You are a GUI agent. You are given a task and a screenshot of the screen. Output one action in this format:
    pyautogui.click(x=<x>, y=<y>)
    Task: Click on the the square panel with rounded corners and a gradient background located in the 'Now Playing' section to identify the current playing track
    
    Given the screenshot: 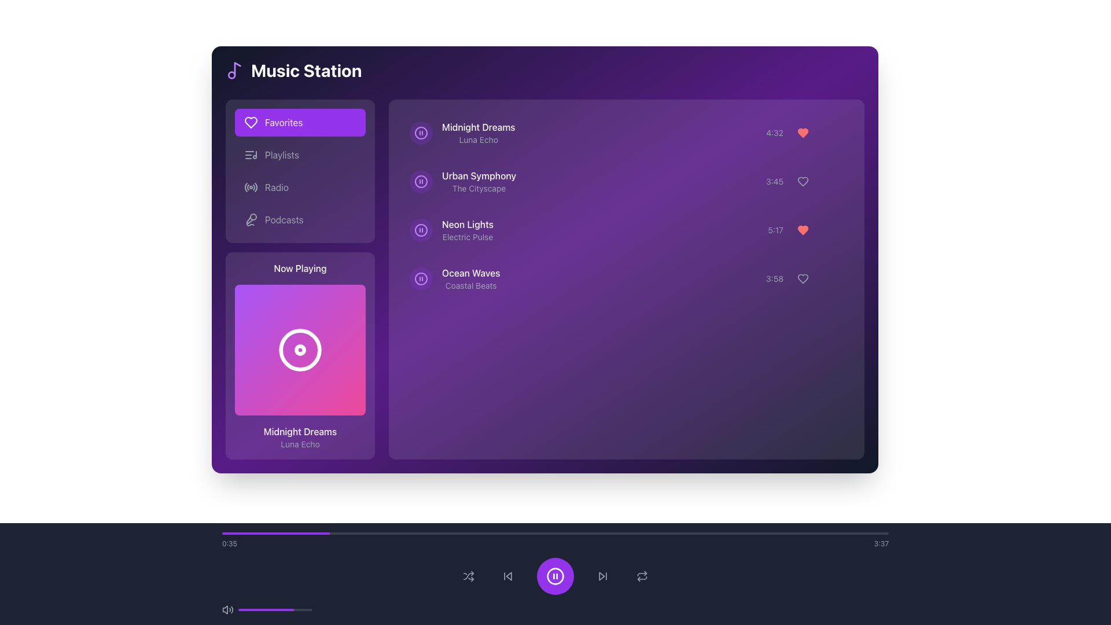 What is the action you would take?
    pyautogui.click(x=300, y=350)
    